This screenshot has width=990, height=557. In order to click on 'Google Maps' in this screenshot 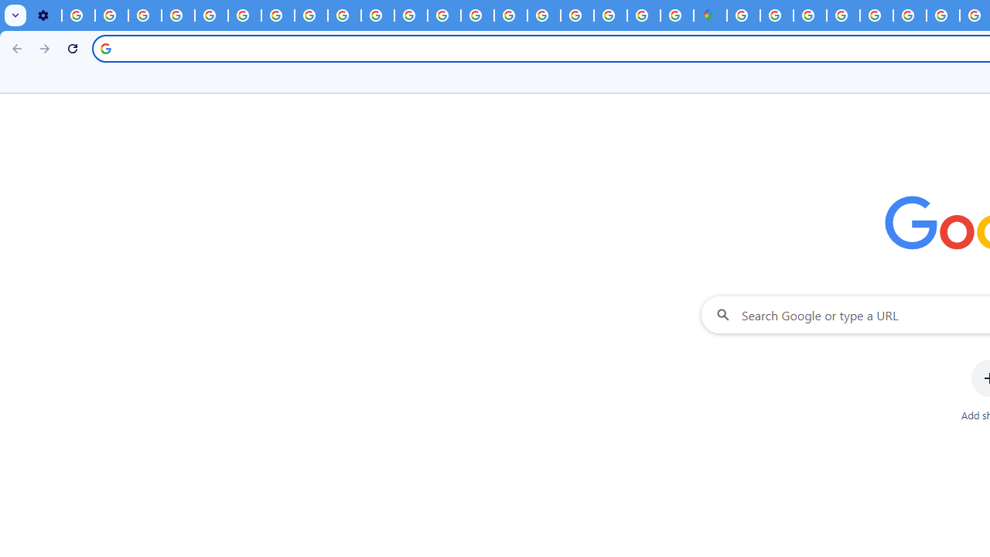, I will do `click(709, 15)`.